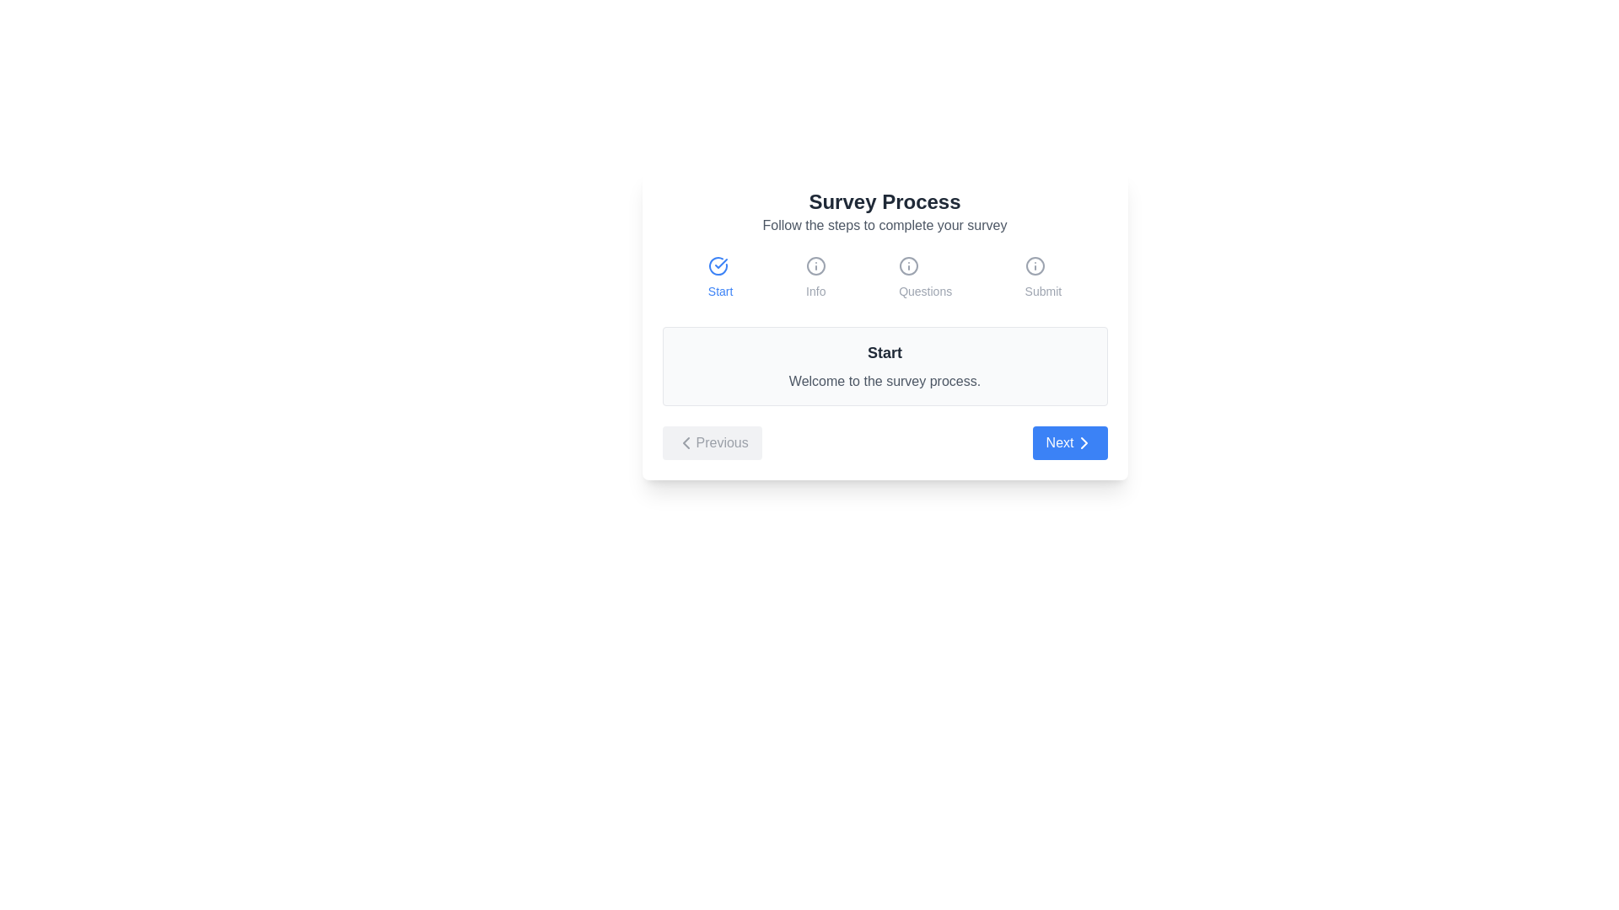 The width and height of the screenshot is (1619, 910). I want to click on the chevron icon within the 'Previous' button located in the bottom left corner of the survey interface to visually reinforce its purpose for navigating to the prior step in the survey process, so click(686, 442).